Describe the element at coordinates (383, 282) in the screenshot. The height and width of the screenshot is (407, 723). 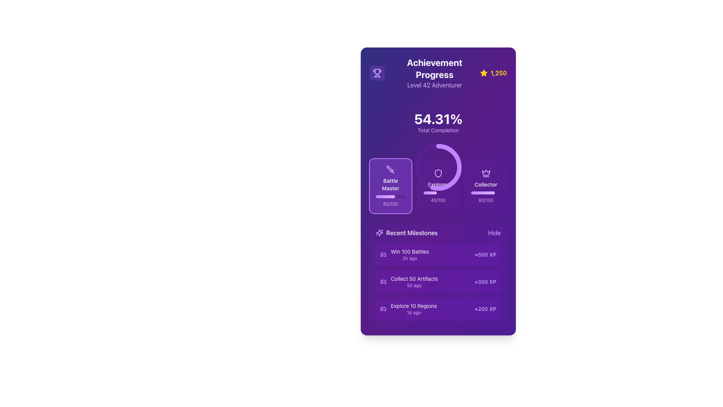
I see `the appearance of the achievement icon located next to 'Collect 50 Artifacts' in the 'Recent Milestones' section` at that location.